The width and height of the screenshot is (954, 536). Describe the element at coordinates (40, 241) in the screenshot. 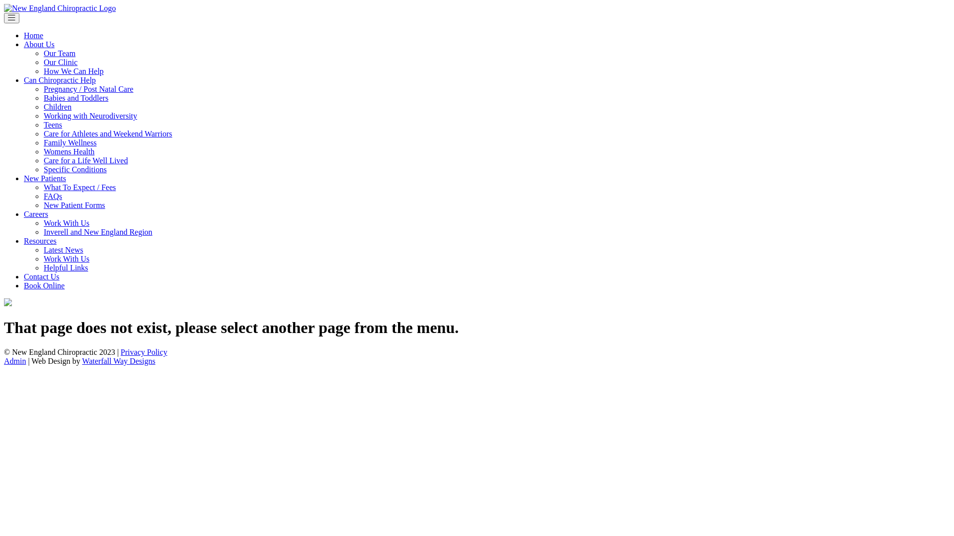

I see `'Resources'` at that location.